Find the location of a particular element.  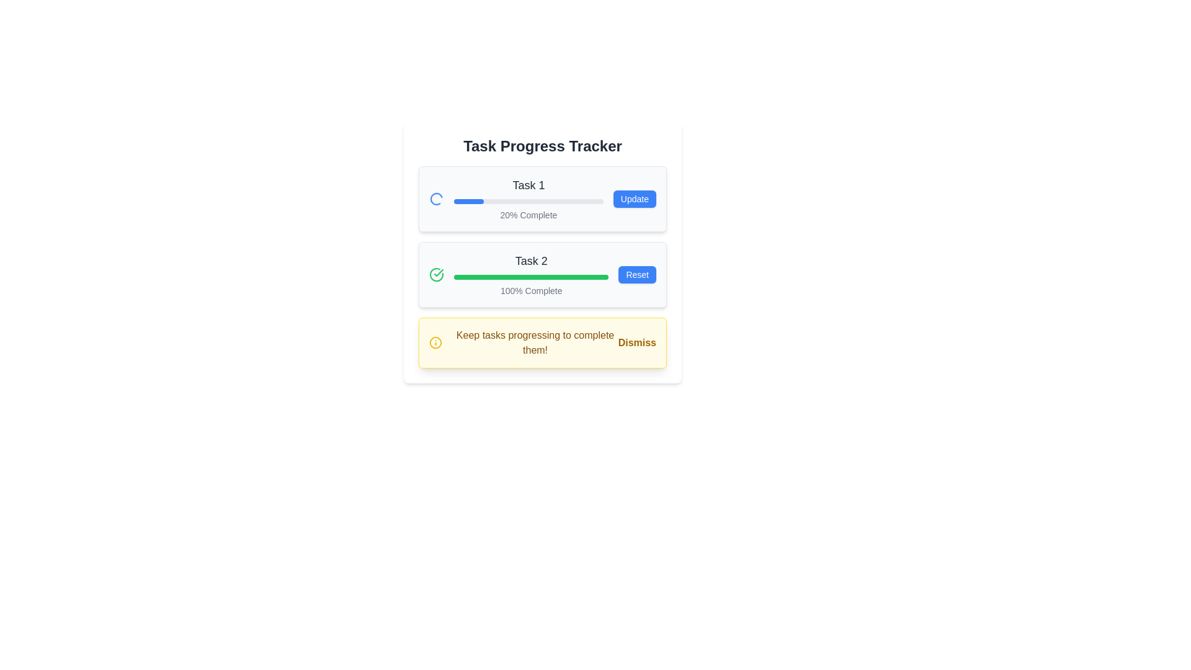

the Progress bar that visually represents the completion percentage of a task, located in the 'Task 2' section between the title 'Task 2' and the status text '100% Complete' is located at coordinates (531, 277).